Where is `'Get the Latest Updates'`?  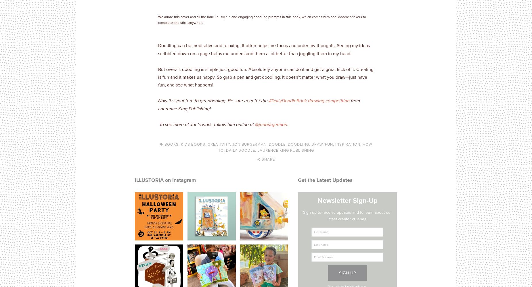
'Get the Latest Updates' is located at coordinates (298, 180).